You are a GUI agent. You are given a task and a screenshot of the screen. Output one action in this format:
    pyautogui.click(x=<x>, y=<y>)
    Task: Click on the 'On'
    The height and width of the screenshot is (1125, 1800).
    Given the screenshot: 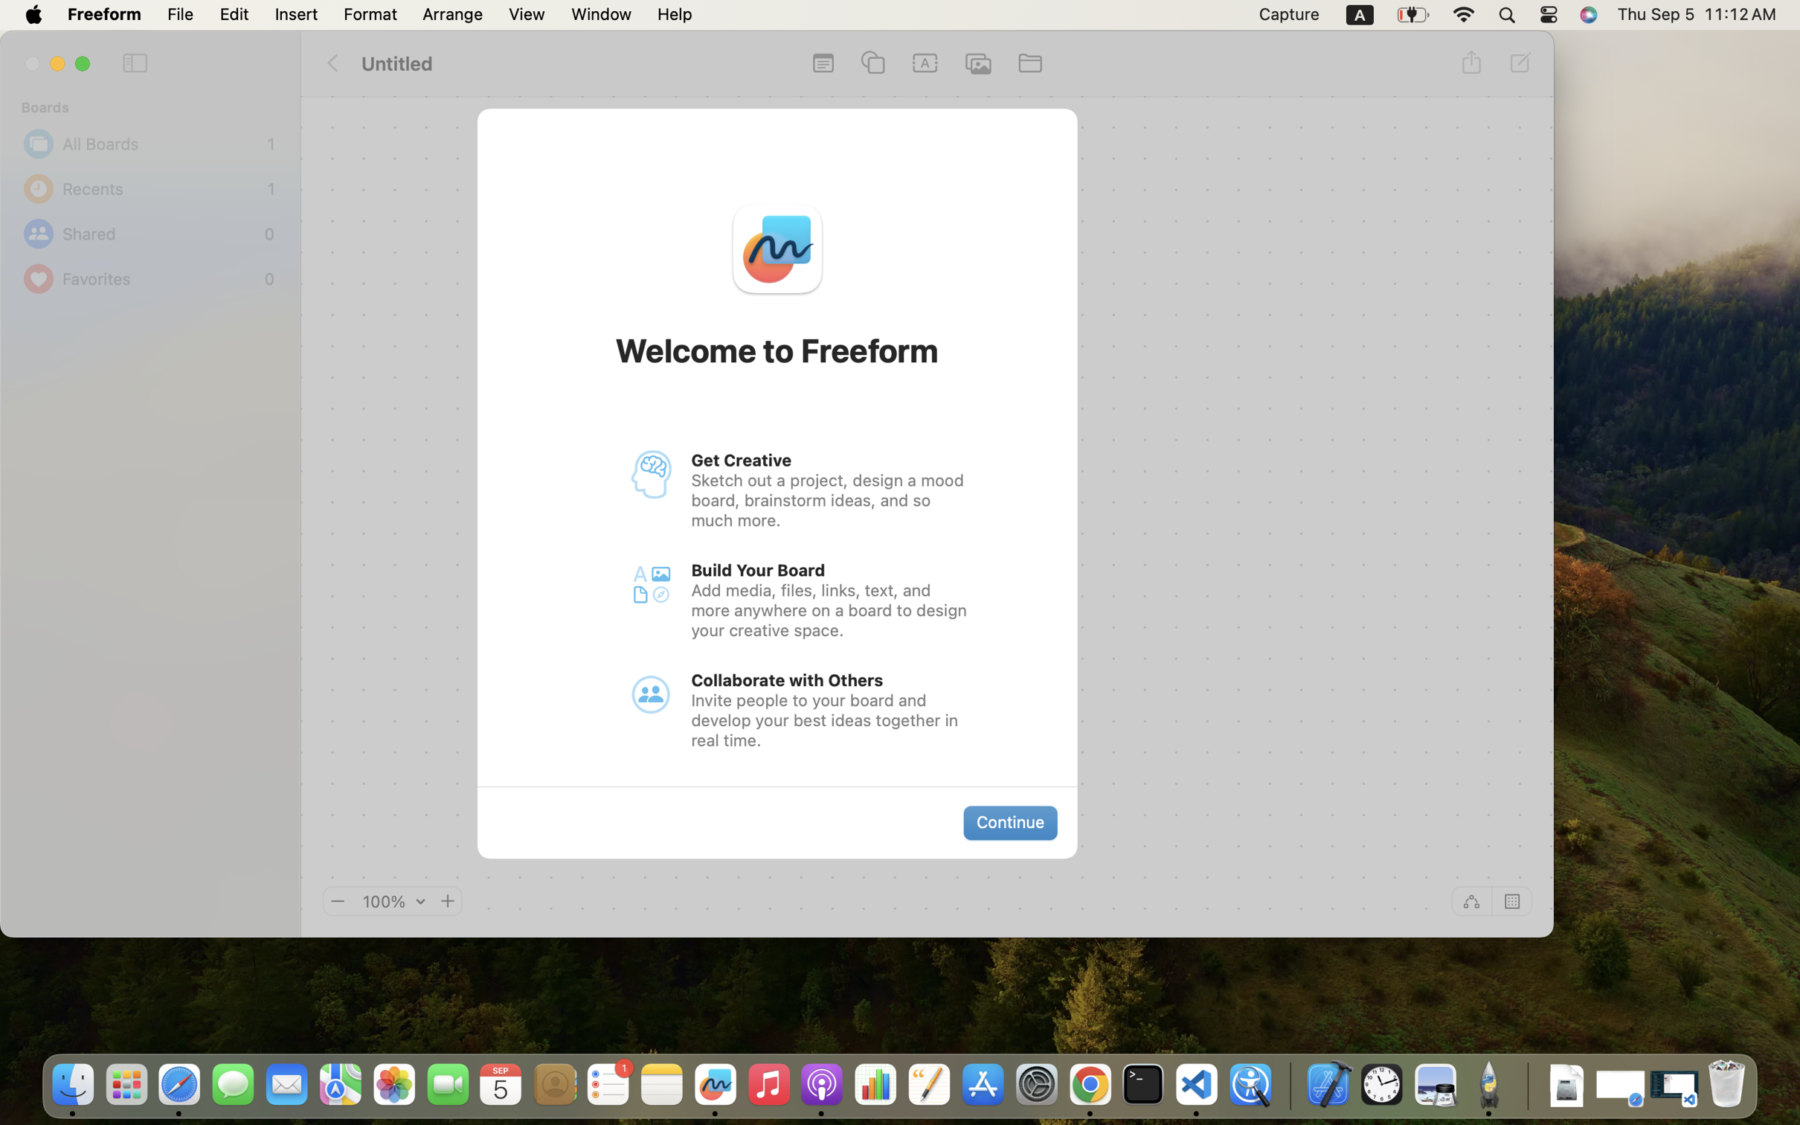 What is the action you would take?
    pyautogui.click(x=1512, y=900)
    